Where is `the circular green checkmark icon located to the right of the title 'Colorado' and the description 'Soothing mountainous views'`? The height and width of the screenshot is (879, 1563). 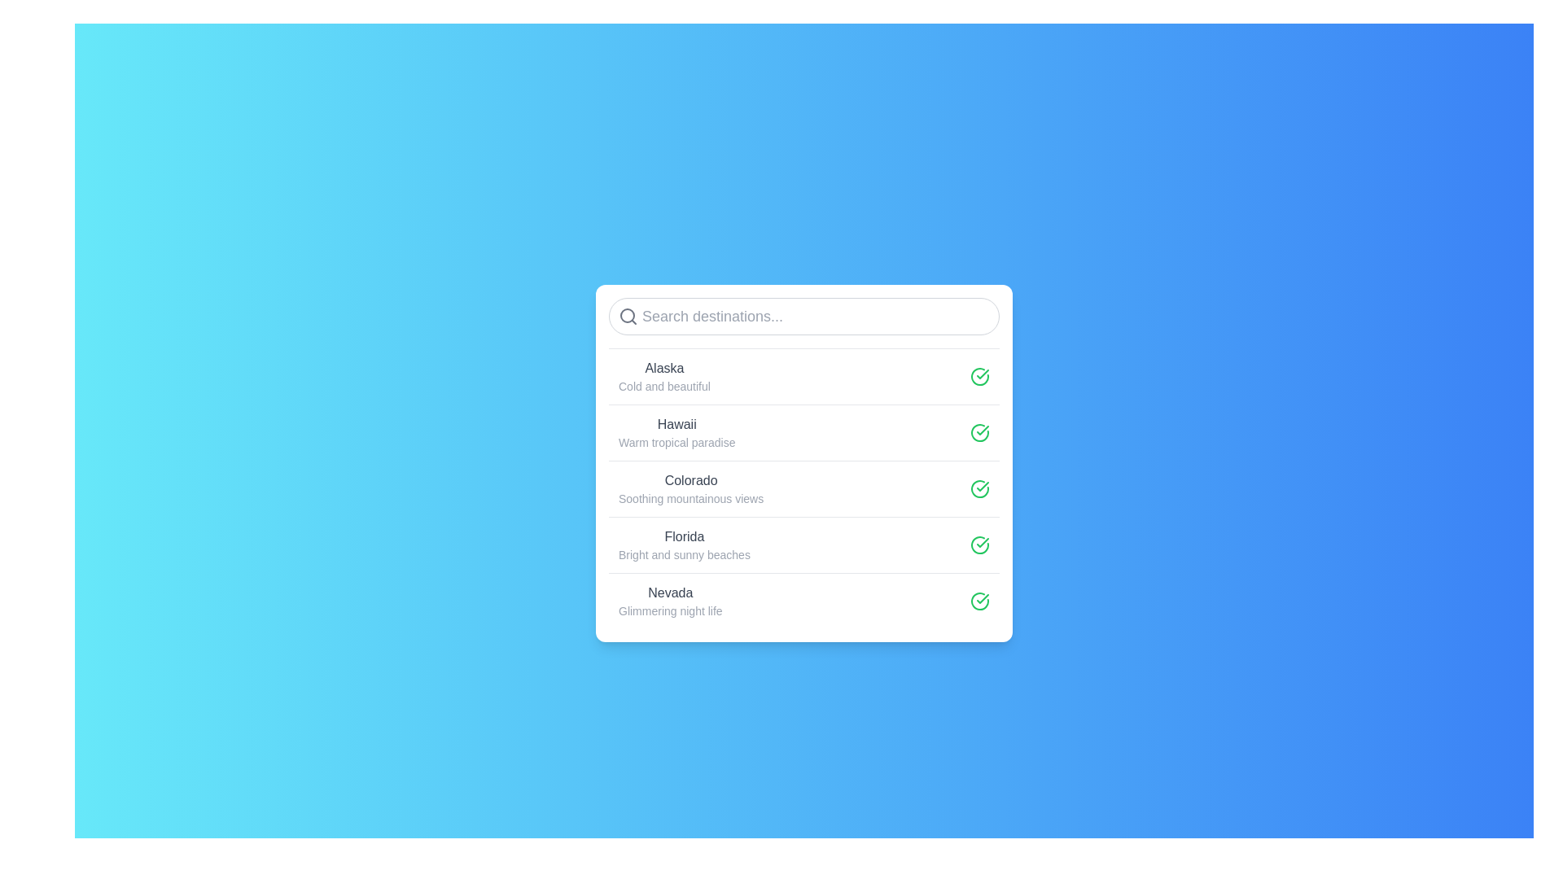 the circular green checkmark icon located to the right of the title 'Colorado' and the description 'Soothing mountainous views' is located at coordinates (979, 488).